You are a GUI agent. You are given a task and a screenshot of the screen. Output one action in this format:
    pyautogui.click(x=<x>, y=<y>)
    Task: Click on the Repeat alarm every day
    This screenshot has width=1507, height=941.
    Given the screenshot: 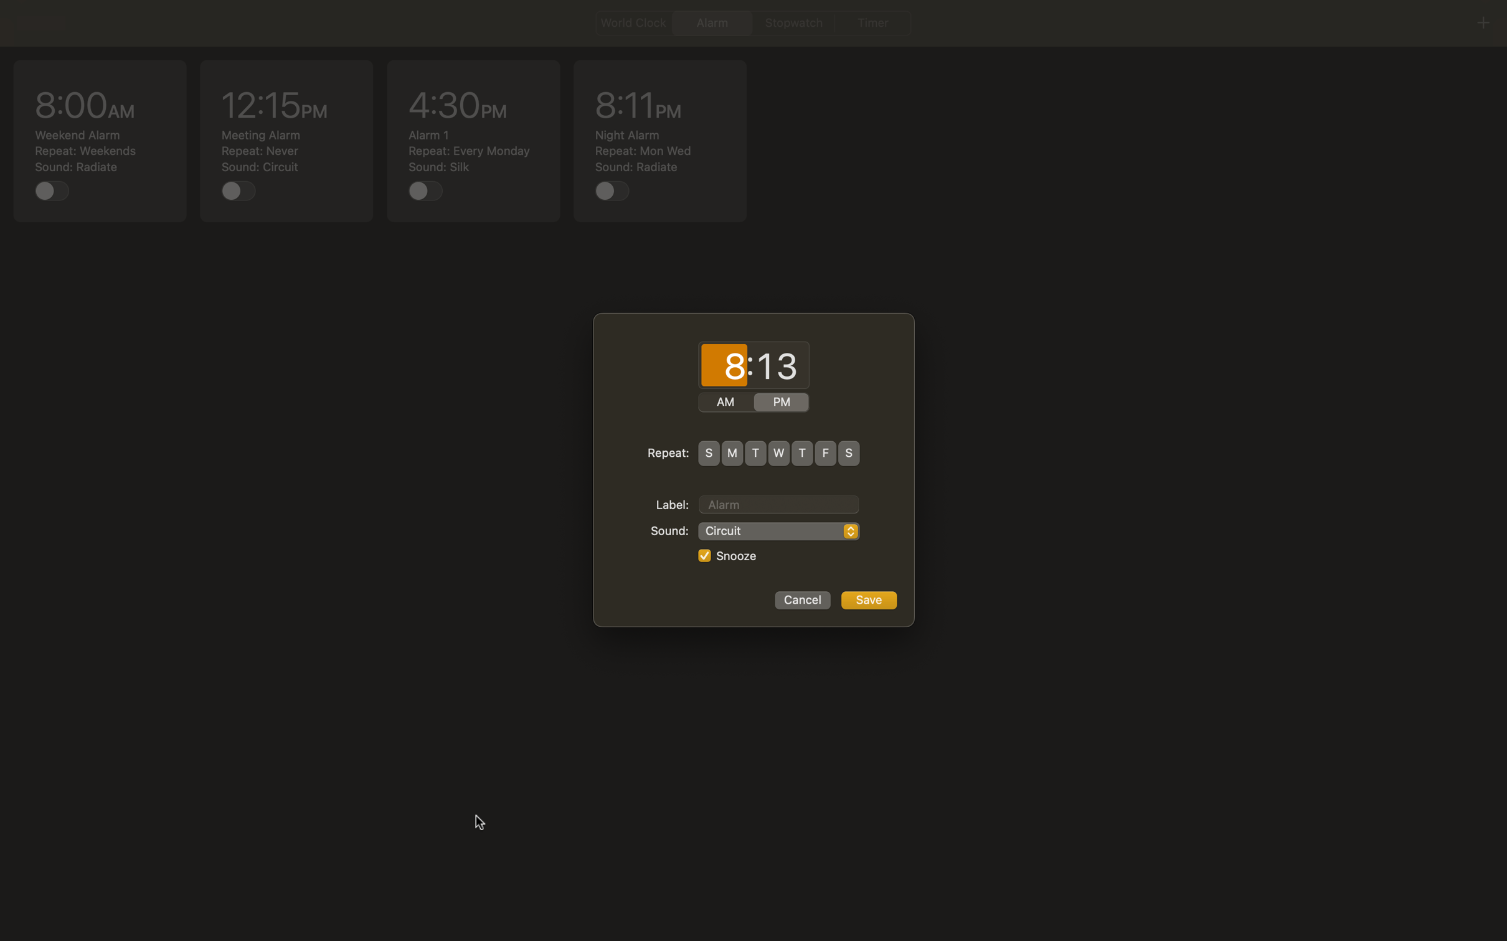 What is the action you would take?
    pyautogui.click(x=708, y=452)
    